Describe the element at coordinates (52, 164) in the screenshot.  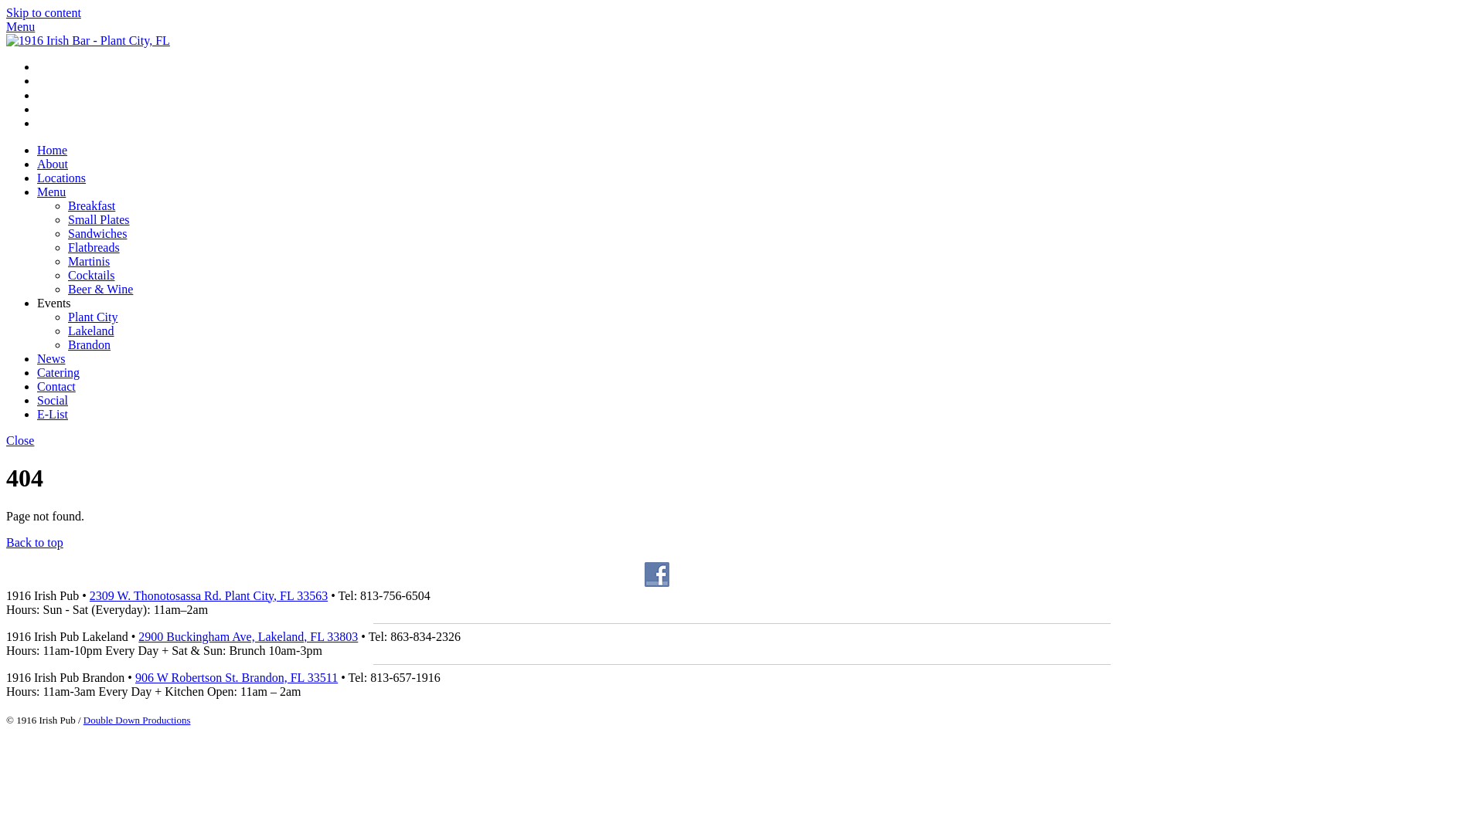
I see `'About'` at that location.